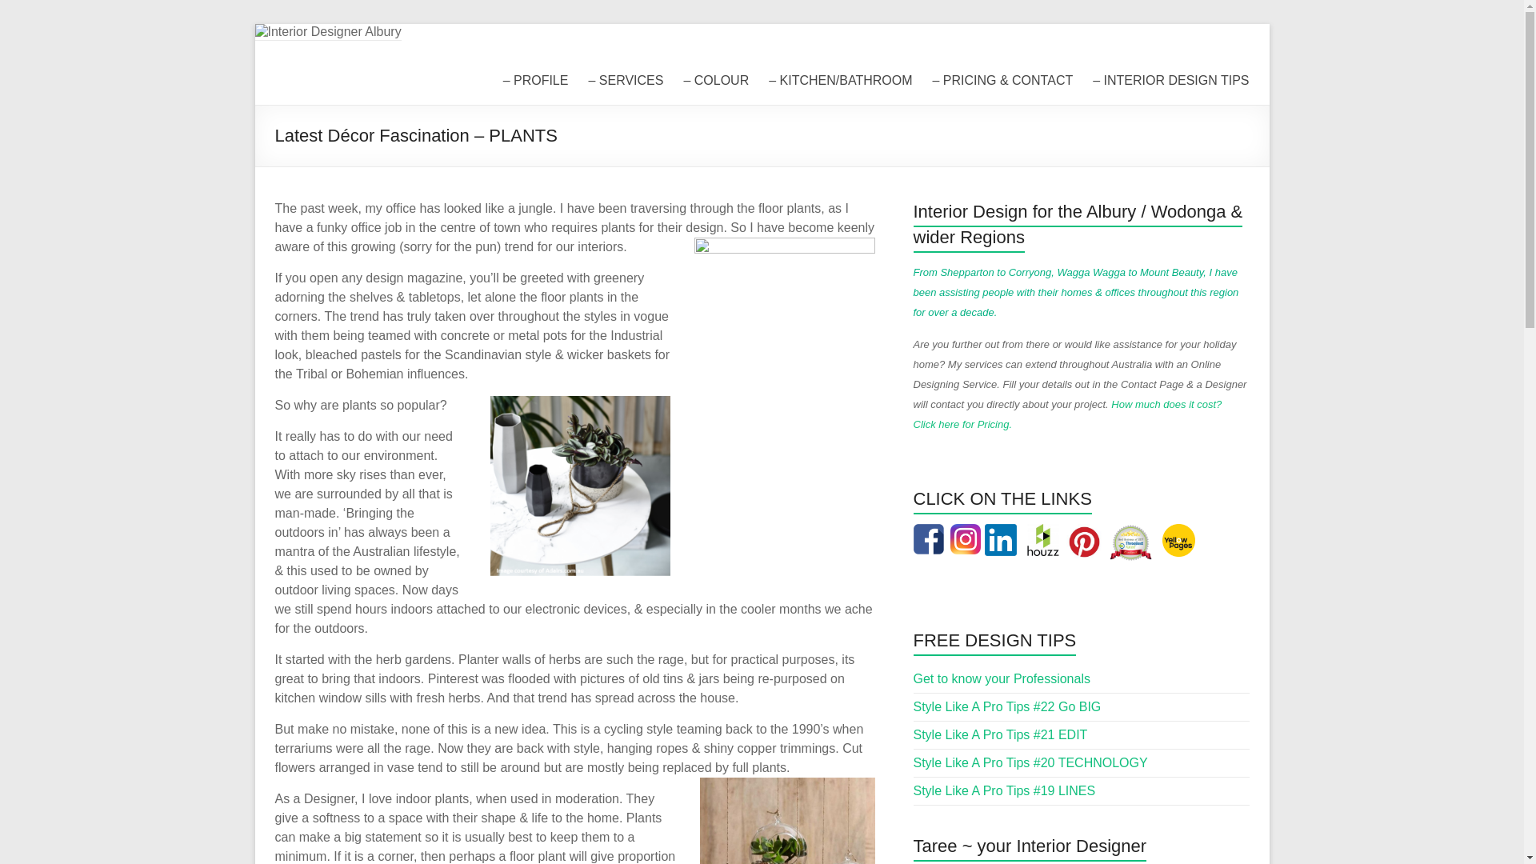 The width and height of the screenshot is (1536, 864). What do you see at coordinates (1180, 533) in the screenshot?
I see `' '` at bounding box center [1180, 533].